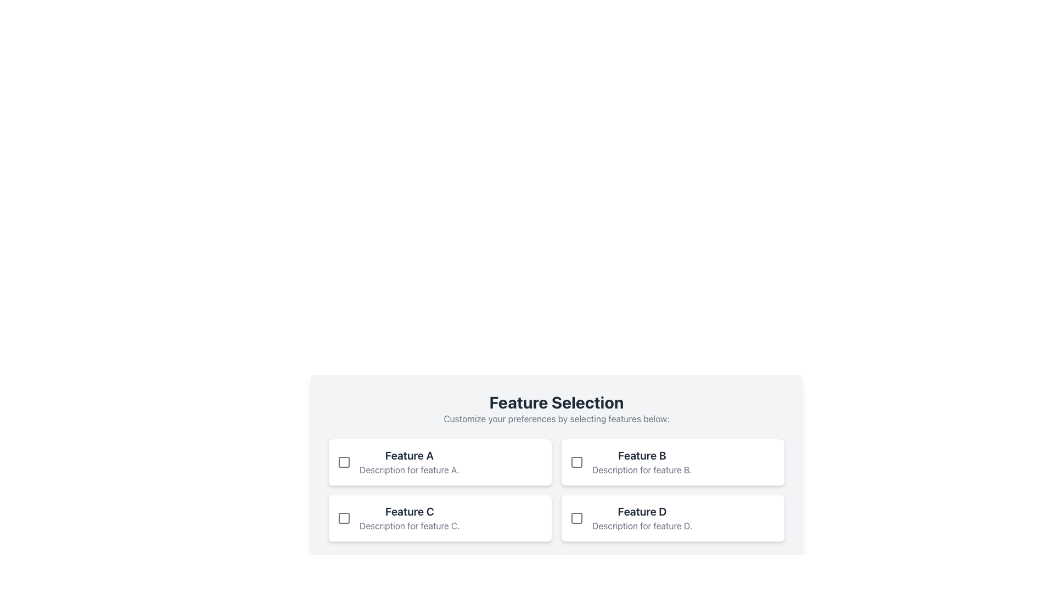  Describe the element at coordinates (556, 419) in the screenshot. I see `the static text element that reads 'Customize your preferences by selecting features below:' located beneath the main title 'Feature Selection'` at that location.